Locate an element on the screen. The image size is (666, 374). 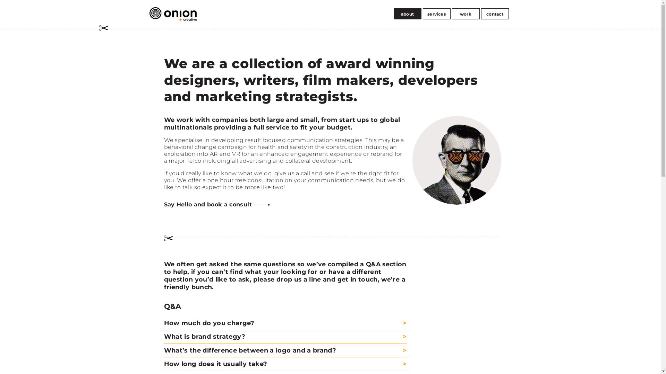
'work' is located at coordinates (451, 14).